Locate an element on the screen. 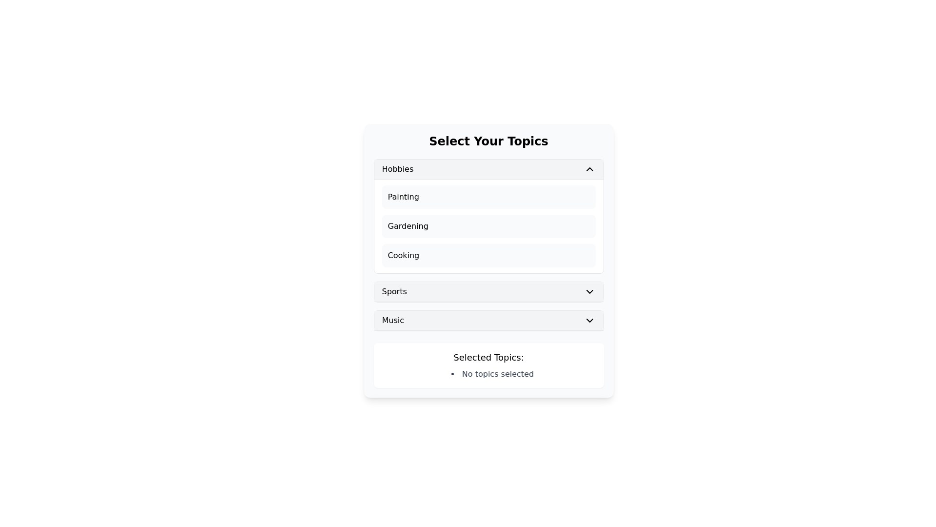 This screenshot has height=527, width=936. the 'Sports' dropdown trigger located under the 'Hobbies' section is located at coordinates (488, 291).